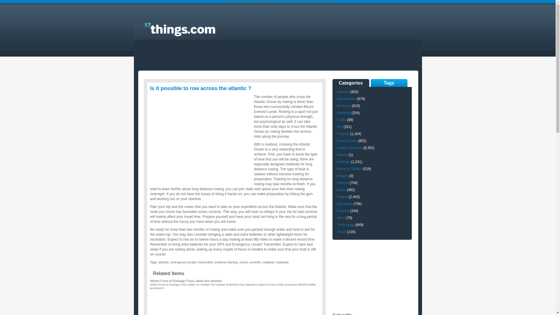 This screenshot has height=315, width=560. What do you see at coordinates (341, 218) in the screenshot?
I see `'Sport'` at bounding box center [341, 218].